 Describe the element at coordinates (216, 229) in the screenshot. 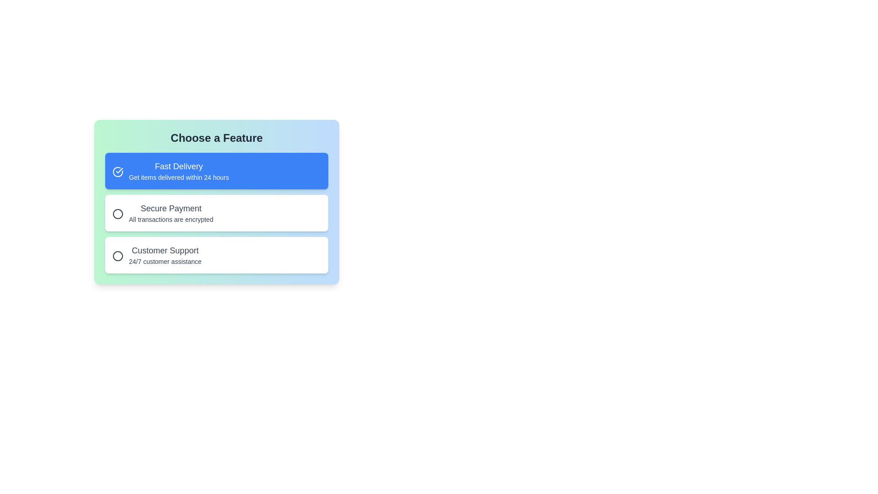

I see `the 'Secure Payment' card` at that location.